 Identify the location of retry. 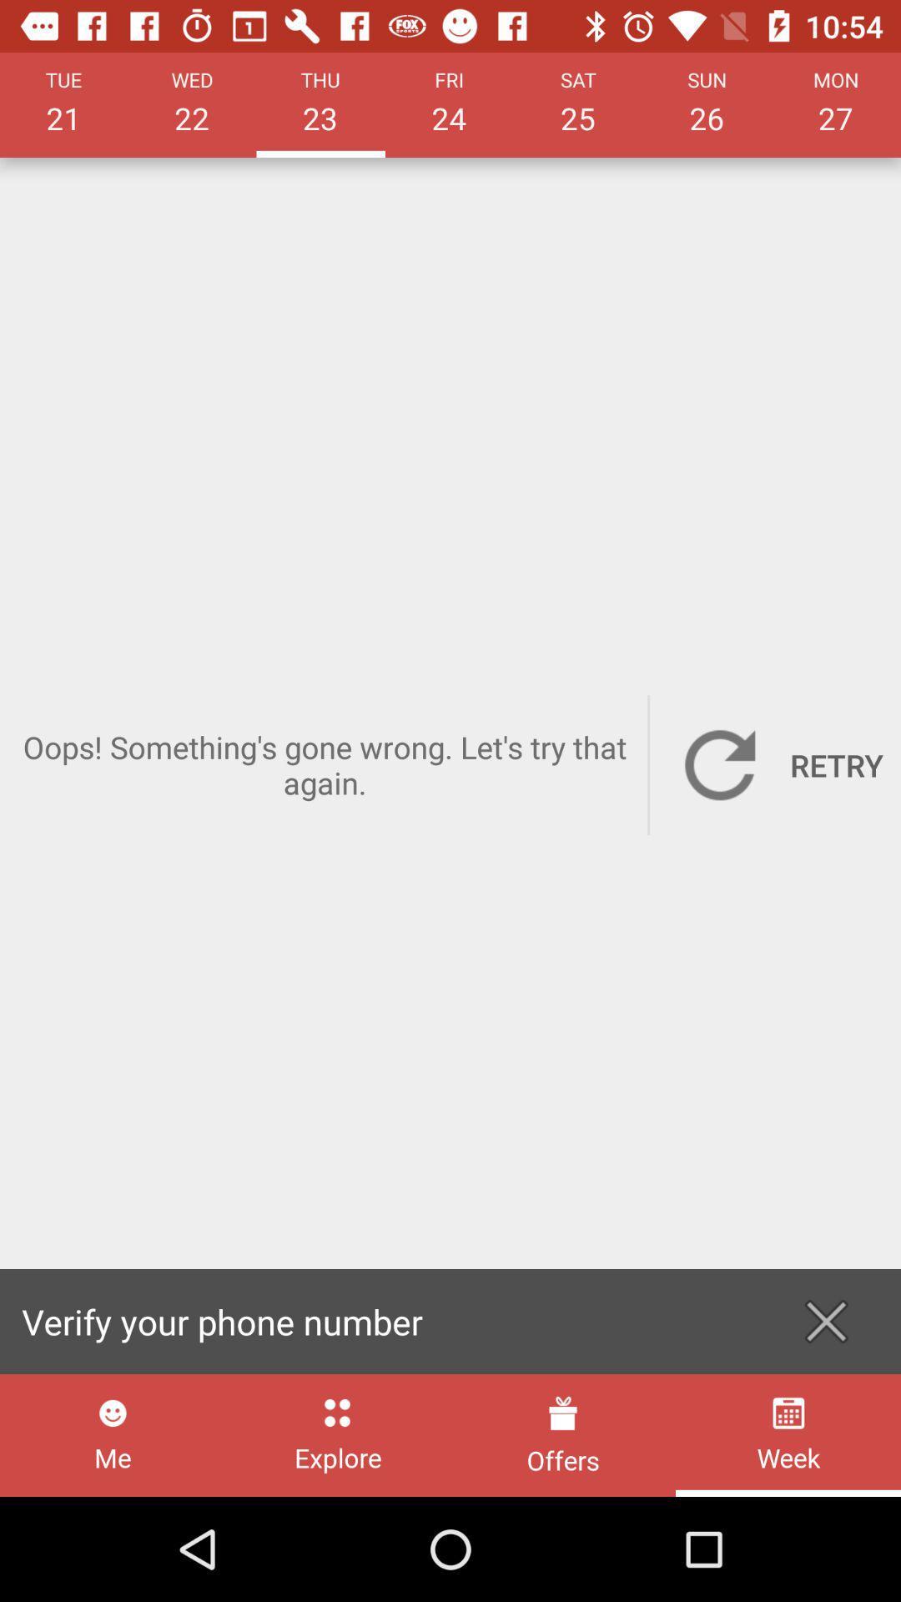
(775, 764).